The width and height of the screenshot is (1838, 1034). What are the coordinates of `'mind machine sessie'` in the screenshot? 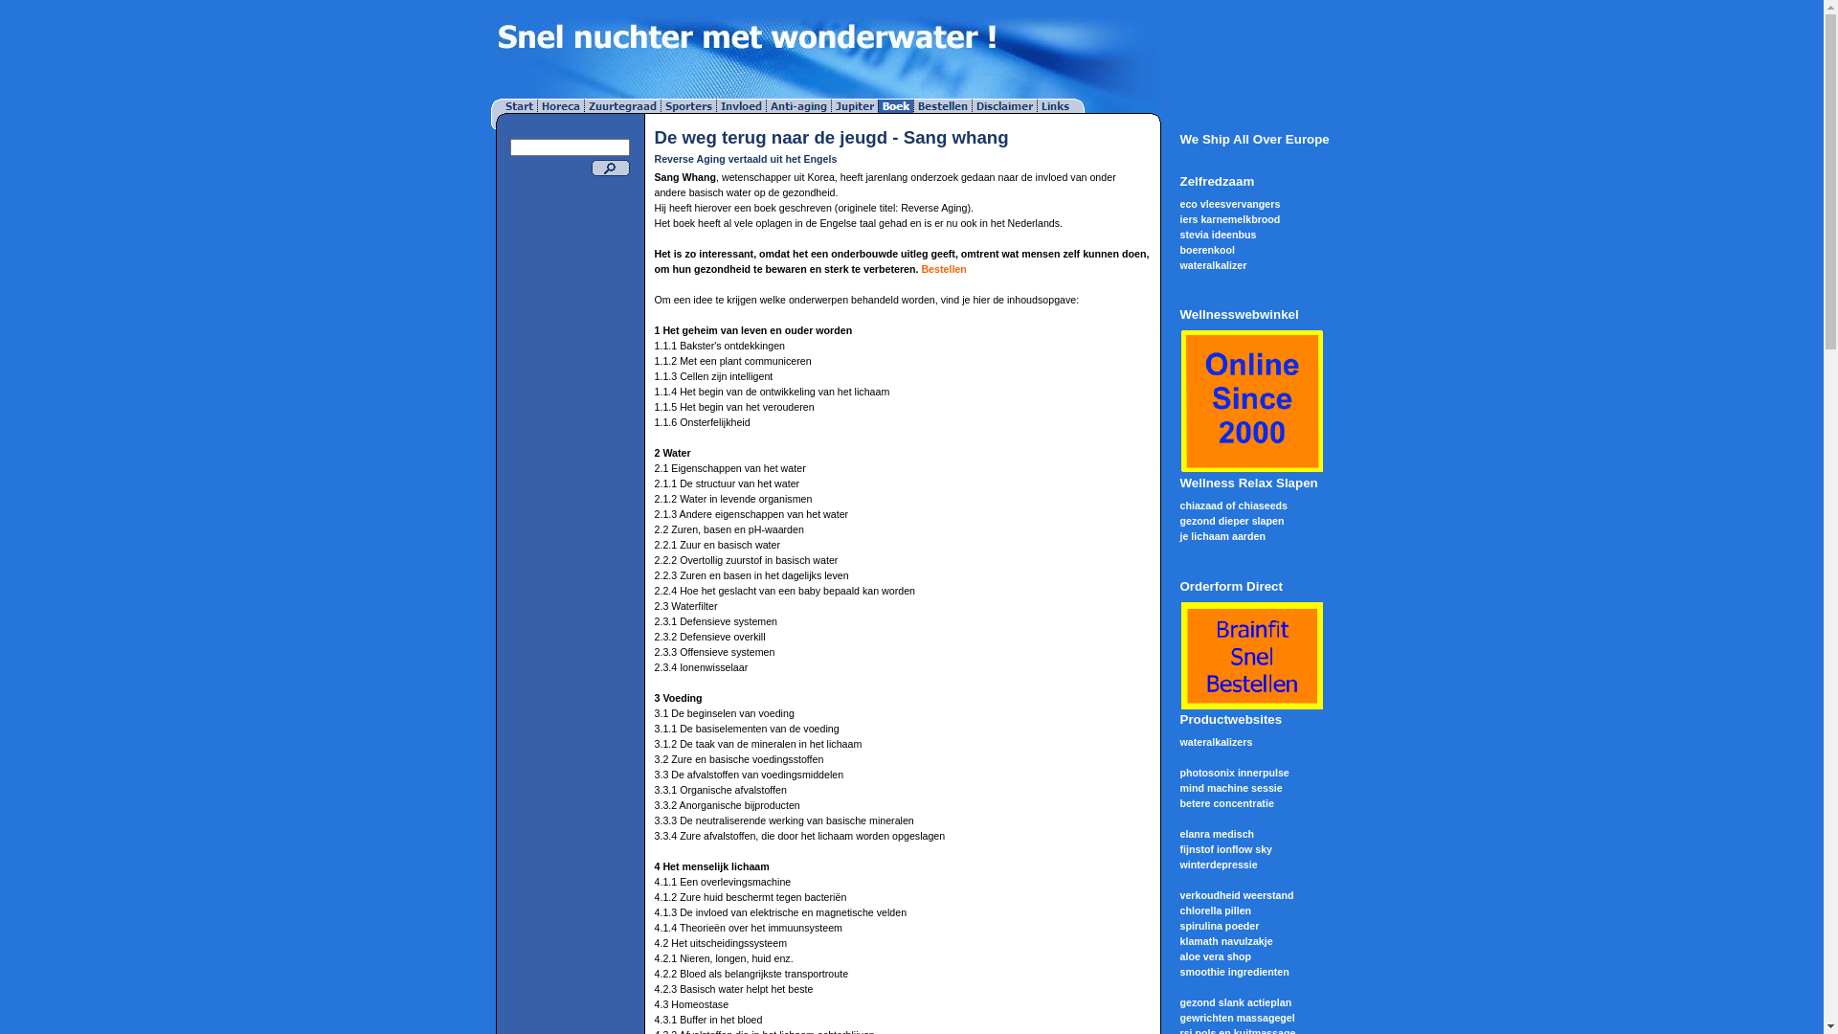 It's located at (1178, 787).